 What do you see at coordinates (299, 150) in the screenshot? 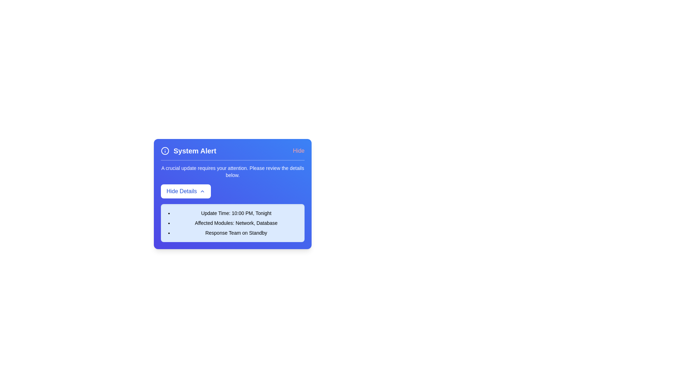
I see `the 'Hide' button to close the alert` at bounding box center [299, 150].